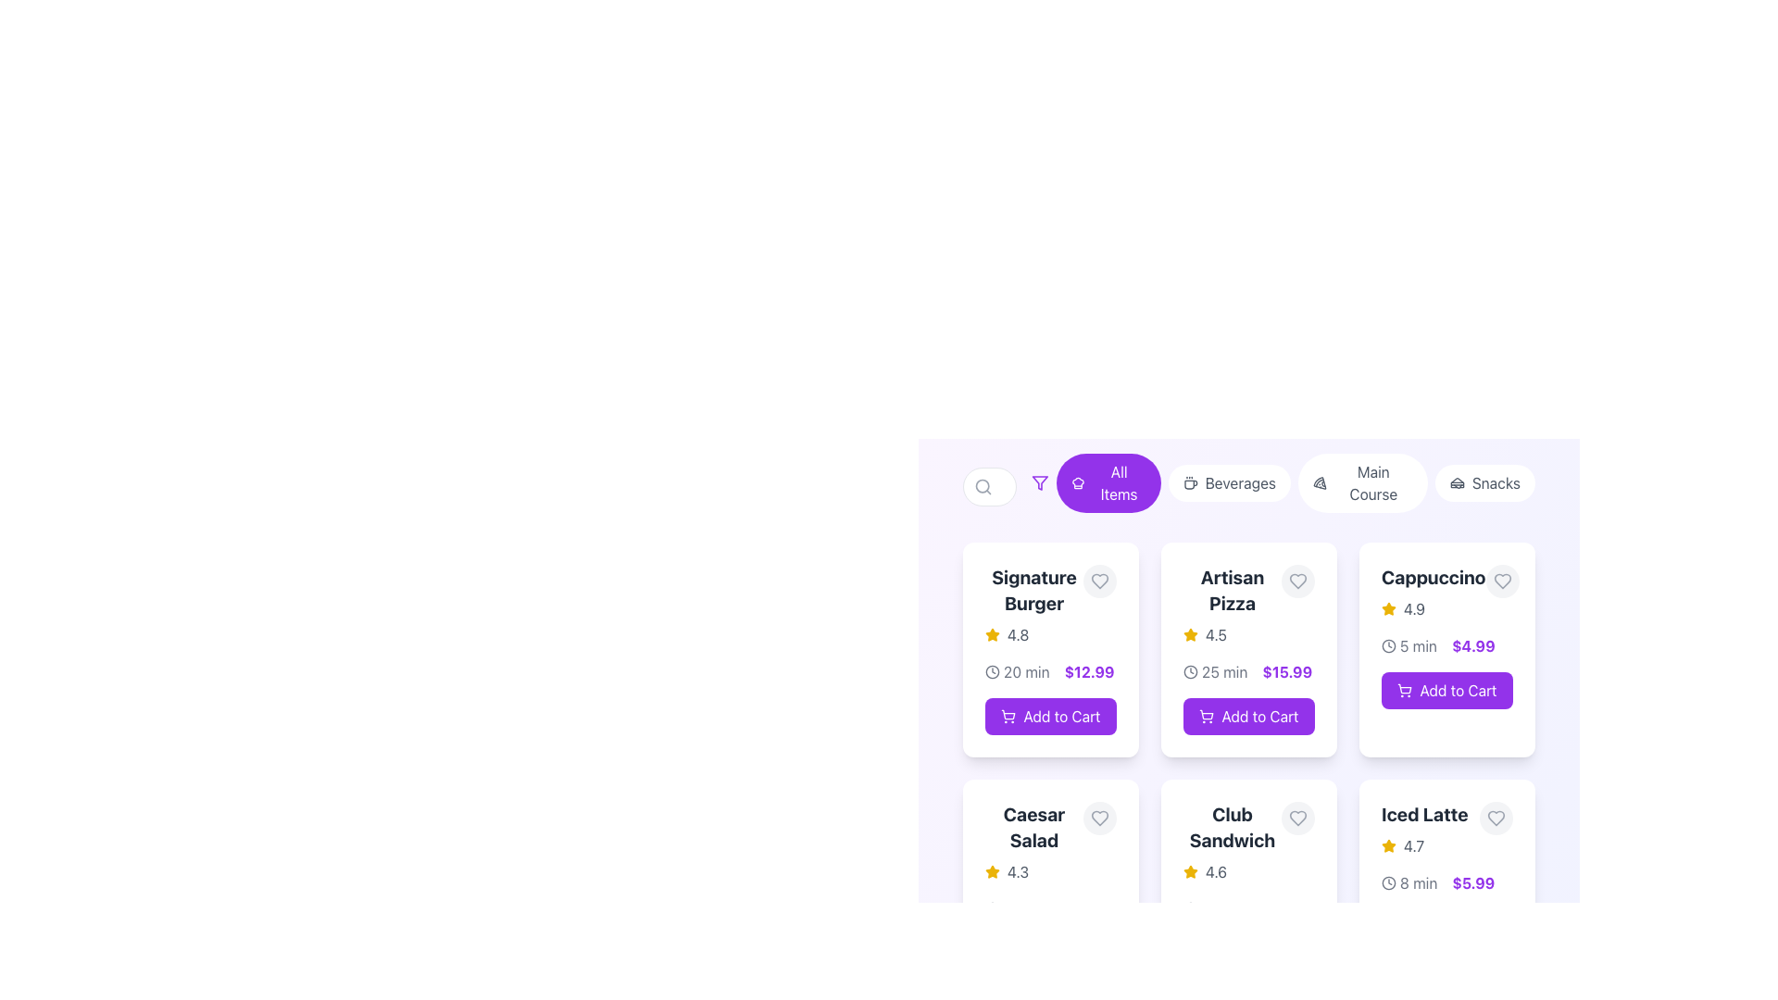 The height and width of the screenshot is (1000, 1778). I want to click on the 'Caesar Salad' text label with a rating of '4.3' and a filled yellow star icon, located in the second row and first column of the item grid, so click(1033, 843).